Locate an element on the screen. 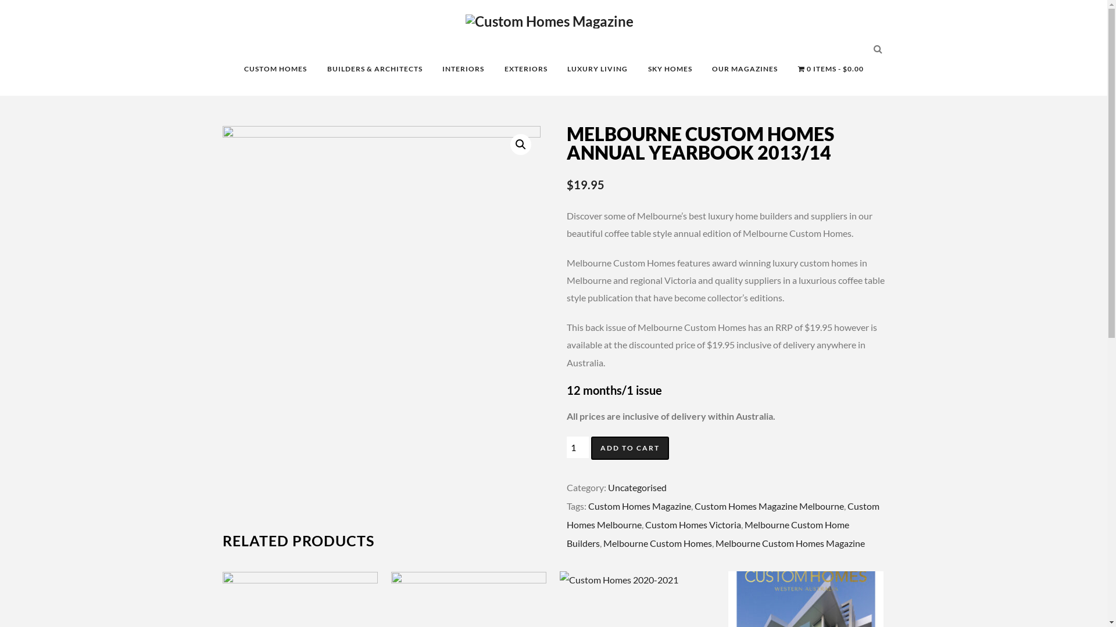 The width and height of the screenshot is (1116, 627). 'Custom Homes Victoria' is located at coordinates (693, 524).